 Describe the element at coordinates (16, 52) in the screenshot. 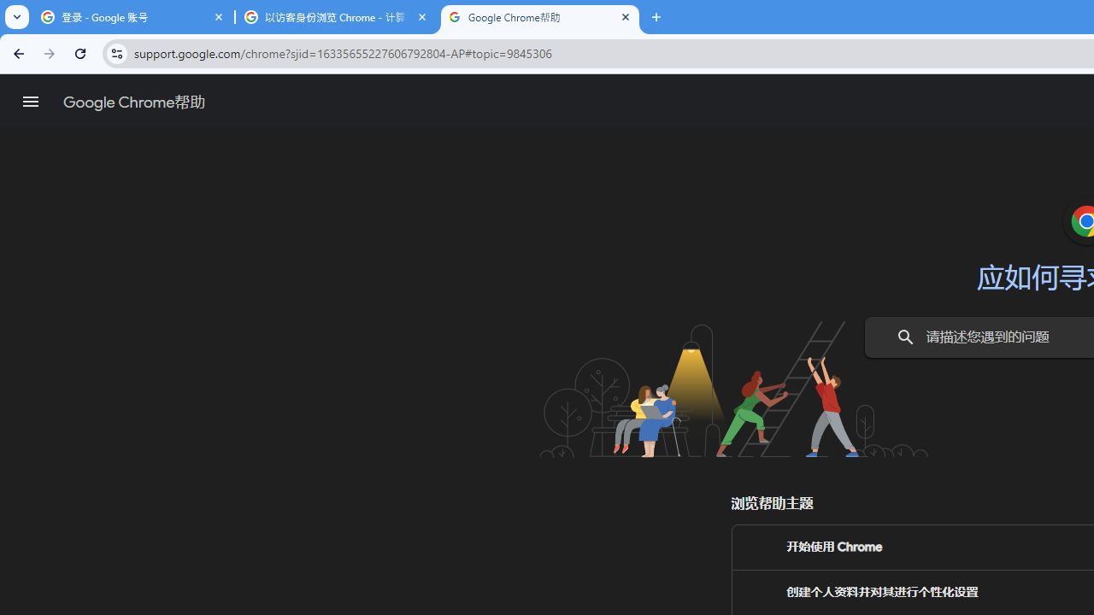

I see `'Back'` at that location.